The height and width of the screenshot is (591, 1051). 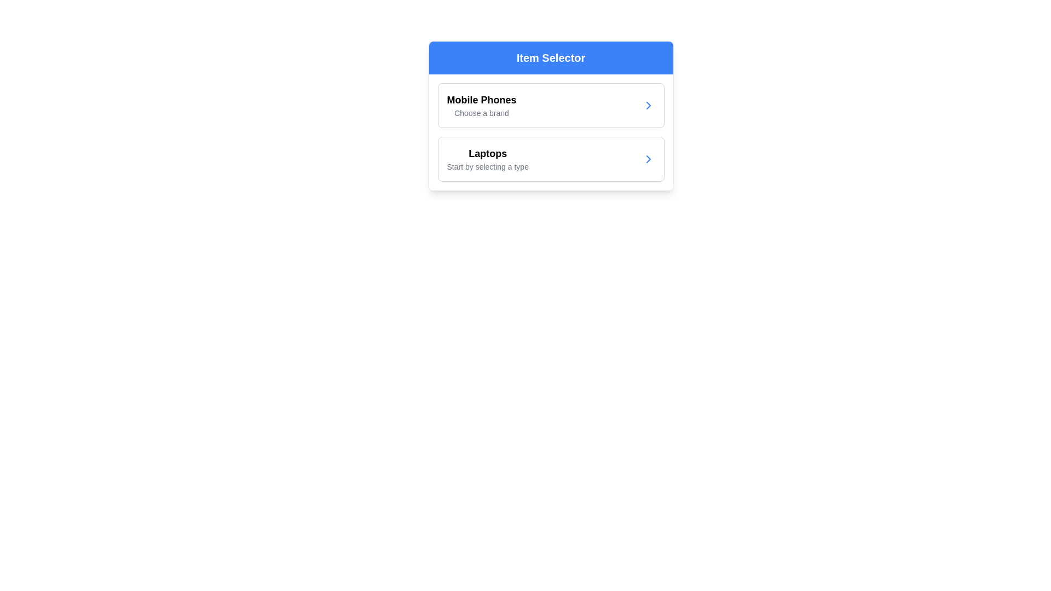 I want to click on the 'Laptops' text label, which is styled as a bold title and is located in the second section of a list layout within a card interface, directly below the 'Mobile Phones' section, so click(x=487, y=154).